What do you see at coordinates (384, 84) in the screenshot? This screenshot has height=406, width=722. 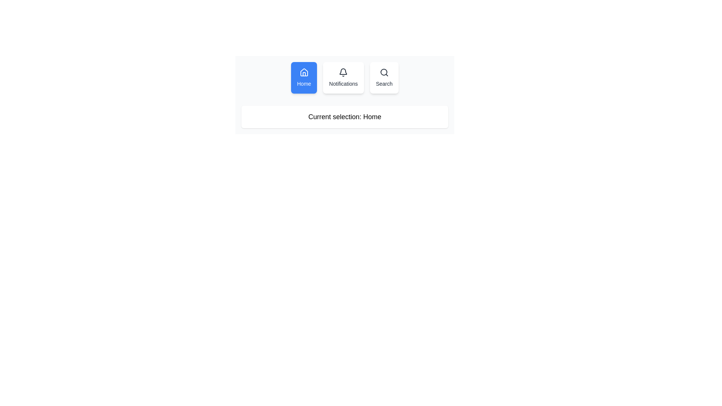 I see `the 'Search' text label located below the magnifying glass icon in the navigation menu` at bounding box center [384, 84].